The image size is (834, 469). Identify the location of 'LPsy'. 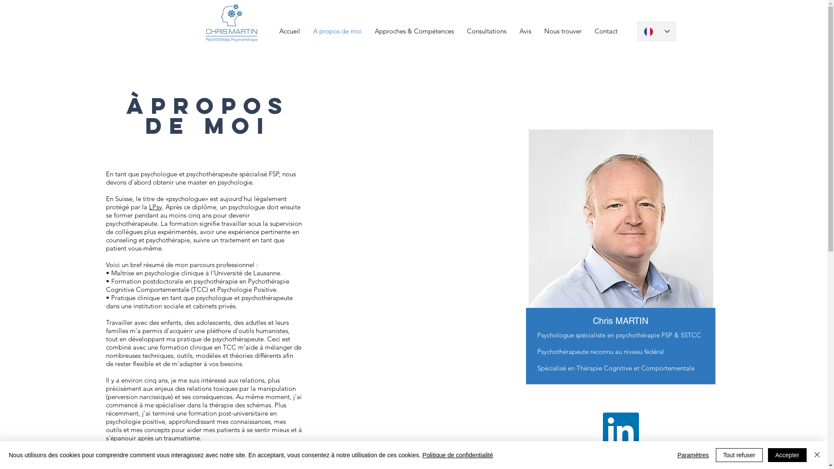
(149, 207).